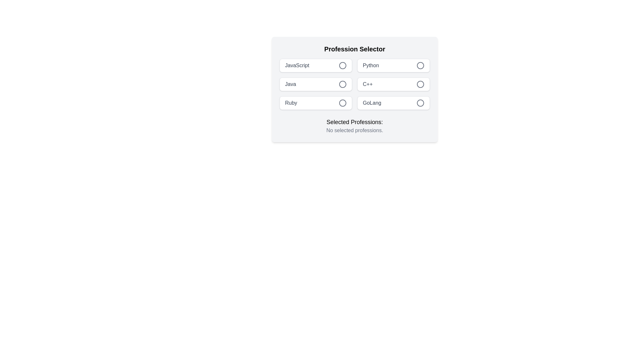 The image size is (622, 349). I want to click on the radio button indicator for the 'GoLang' option within the Profession Selector interface for keyboard selection, so click(420, 103).